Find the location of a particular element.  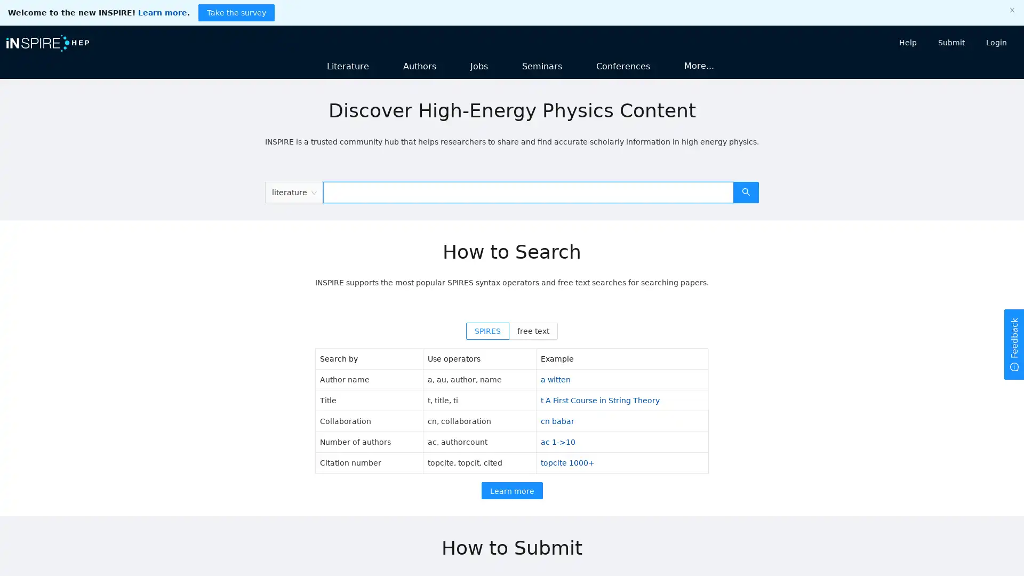

close is located at coordinates (1011, 10).